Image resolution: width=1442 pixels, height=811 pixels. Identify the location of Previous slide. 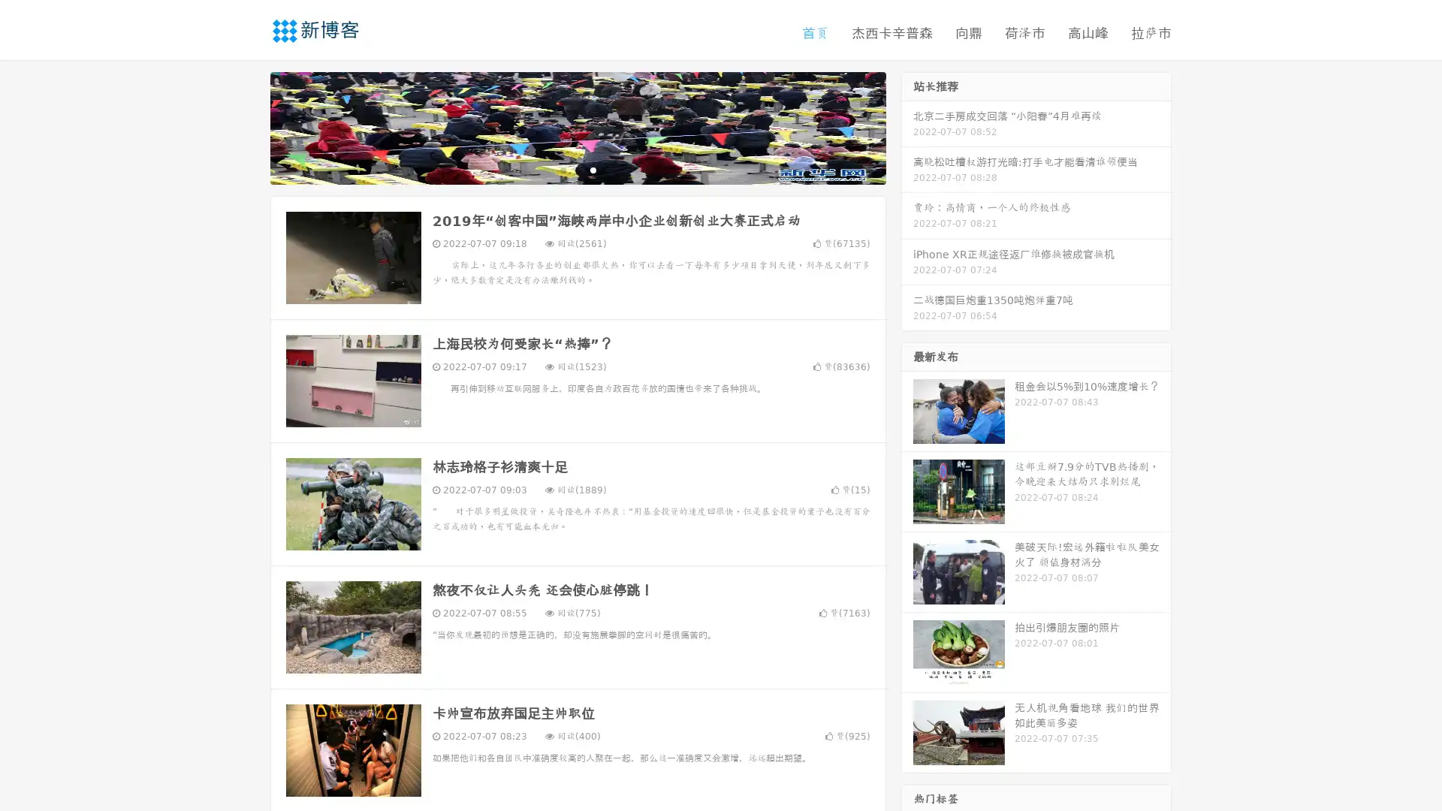
(248, 126).